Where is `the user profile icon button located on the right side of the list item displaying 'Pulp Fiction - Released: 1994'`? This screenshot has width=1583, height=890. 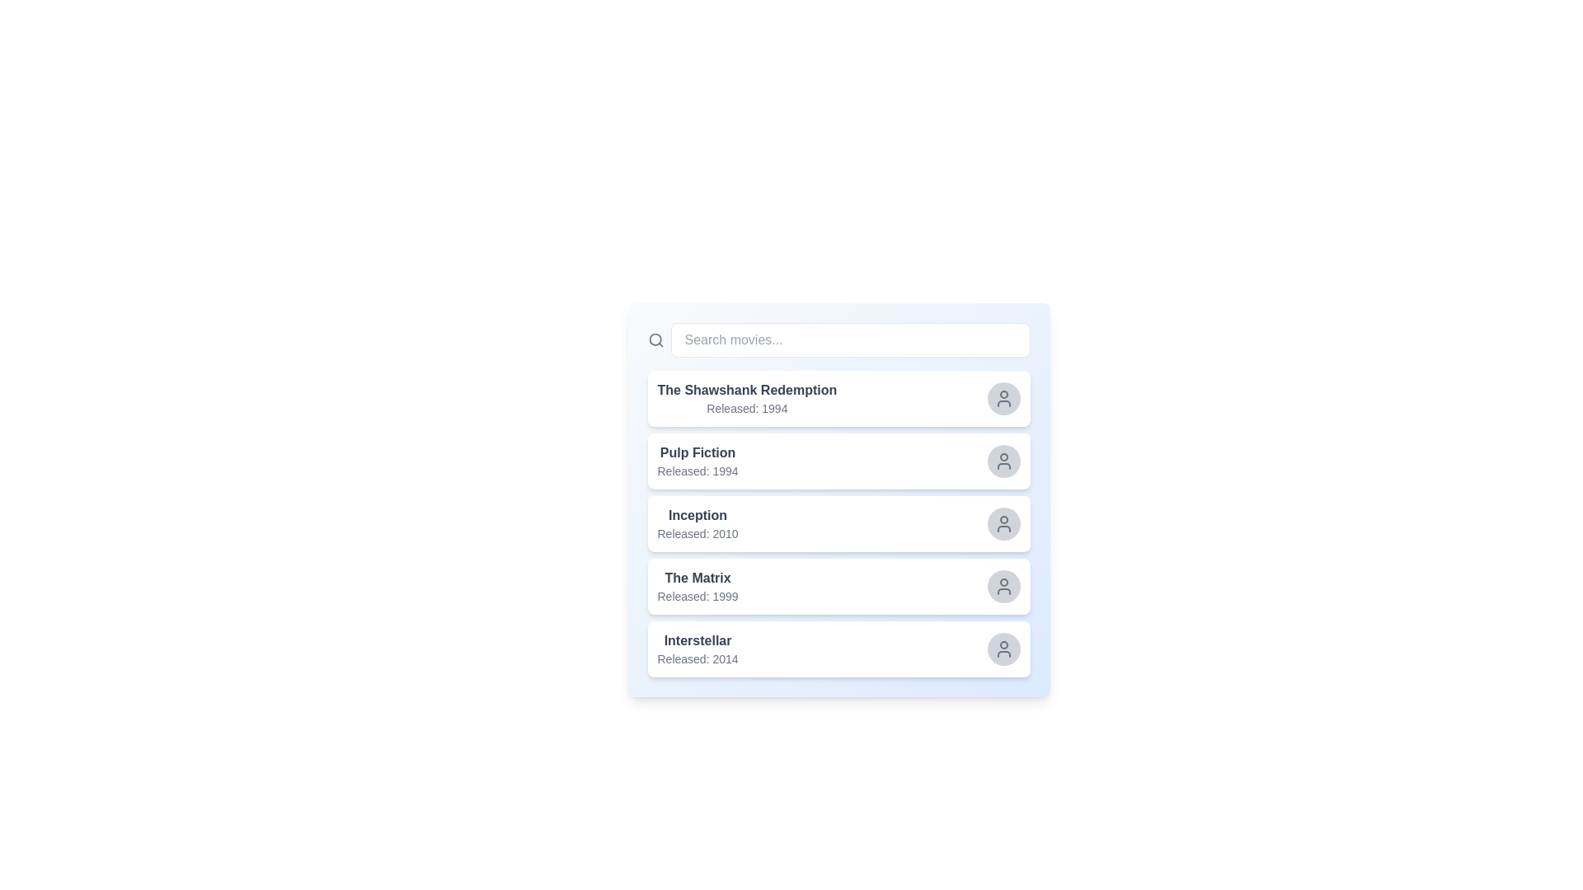 the user profile icon button located on the right side of the list item displaying 'Pulp Fiction - Released: 1994' is located at coordinates (1003, 461).